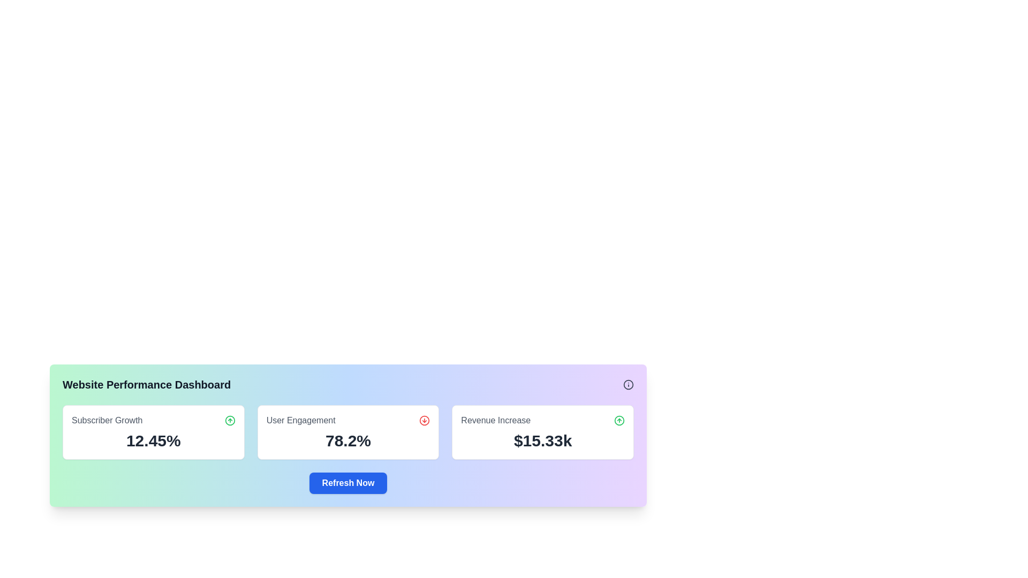  What do you see at coordinates (153, 431) in the screenshot?
I see `the Summary Card element displaying 'Subscriber Growth' with a percentage value of '12.45%', located in the top-left section of a grid of three cards` at bounding box center [153, 431].